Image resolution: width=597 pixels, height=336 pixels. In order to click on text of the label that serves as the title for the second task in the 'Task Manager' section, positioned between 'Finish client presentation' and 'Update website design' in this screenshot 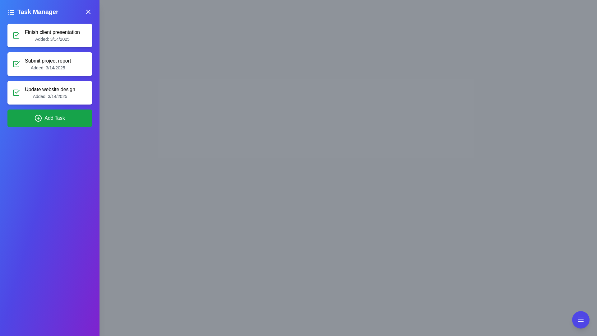, I will do `click(48, 61)`.